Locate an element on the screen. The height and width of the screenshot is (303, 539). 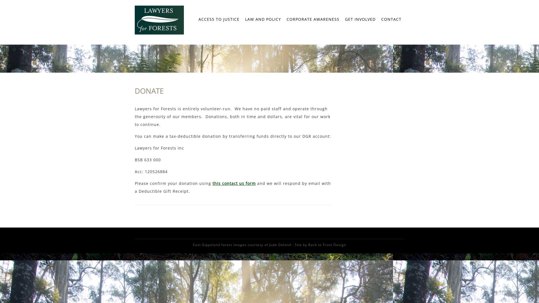
'LAW AND POLICY' is located at coordinates (242, 19).